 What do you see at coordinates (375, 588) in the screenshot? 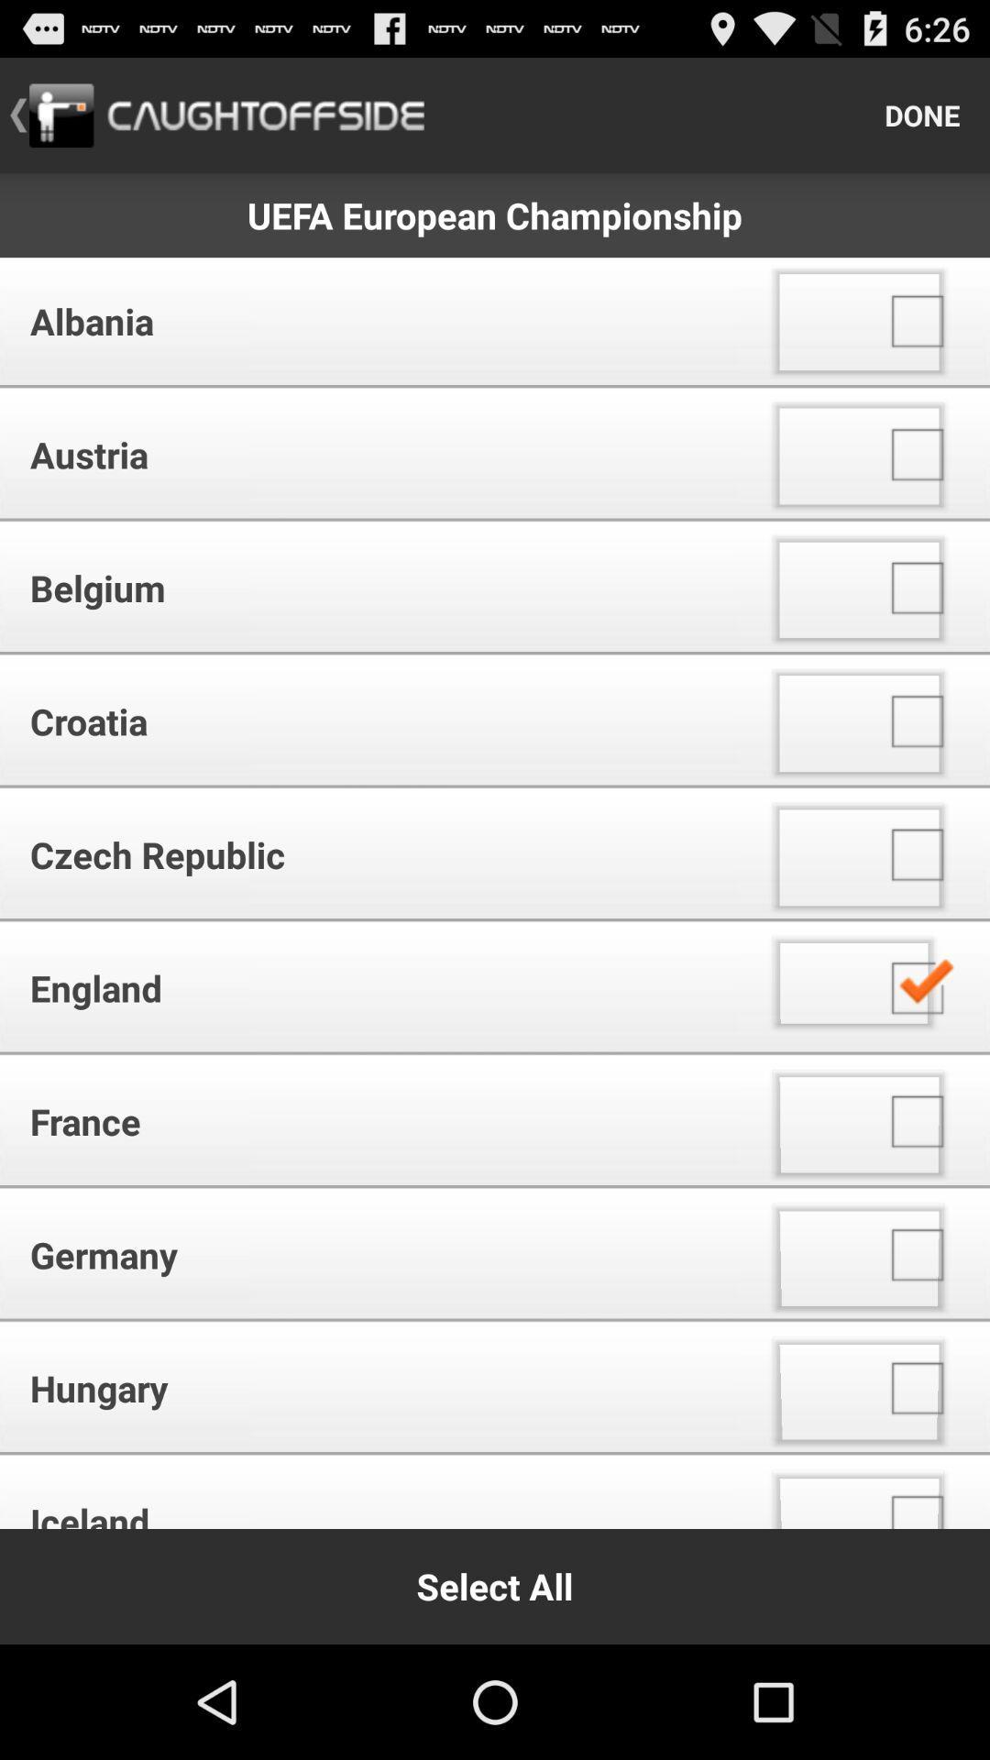
I see `the icon above croatia` at bounding box center [375, 588].